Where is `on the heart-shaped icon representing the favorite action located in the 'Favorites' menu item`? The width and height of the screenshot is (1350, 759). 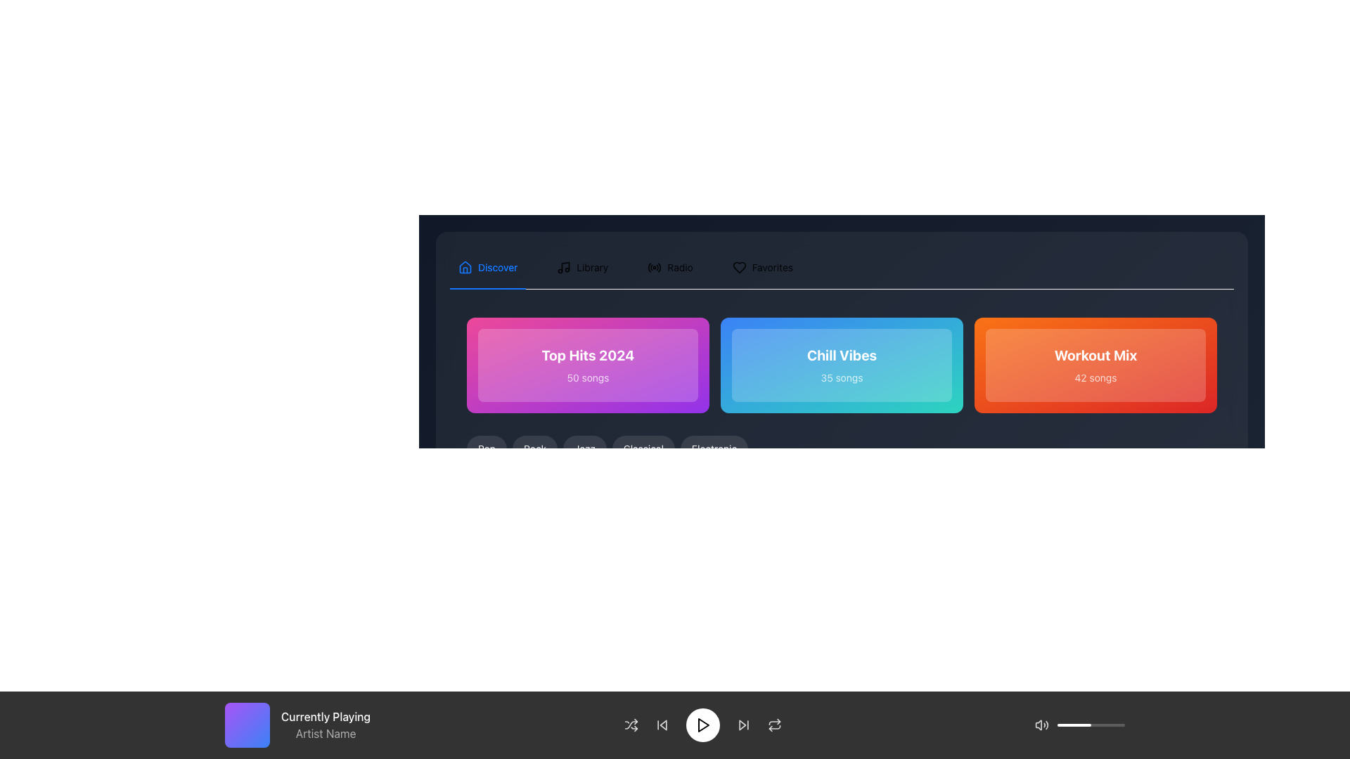
on the heart-shaped icon representing the favorite action located in the 'Favorites' menu item is located at coordinates (738, 268).